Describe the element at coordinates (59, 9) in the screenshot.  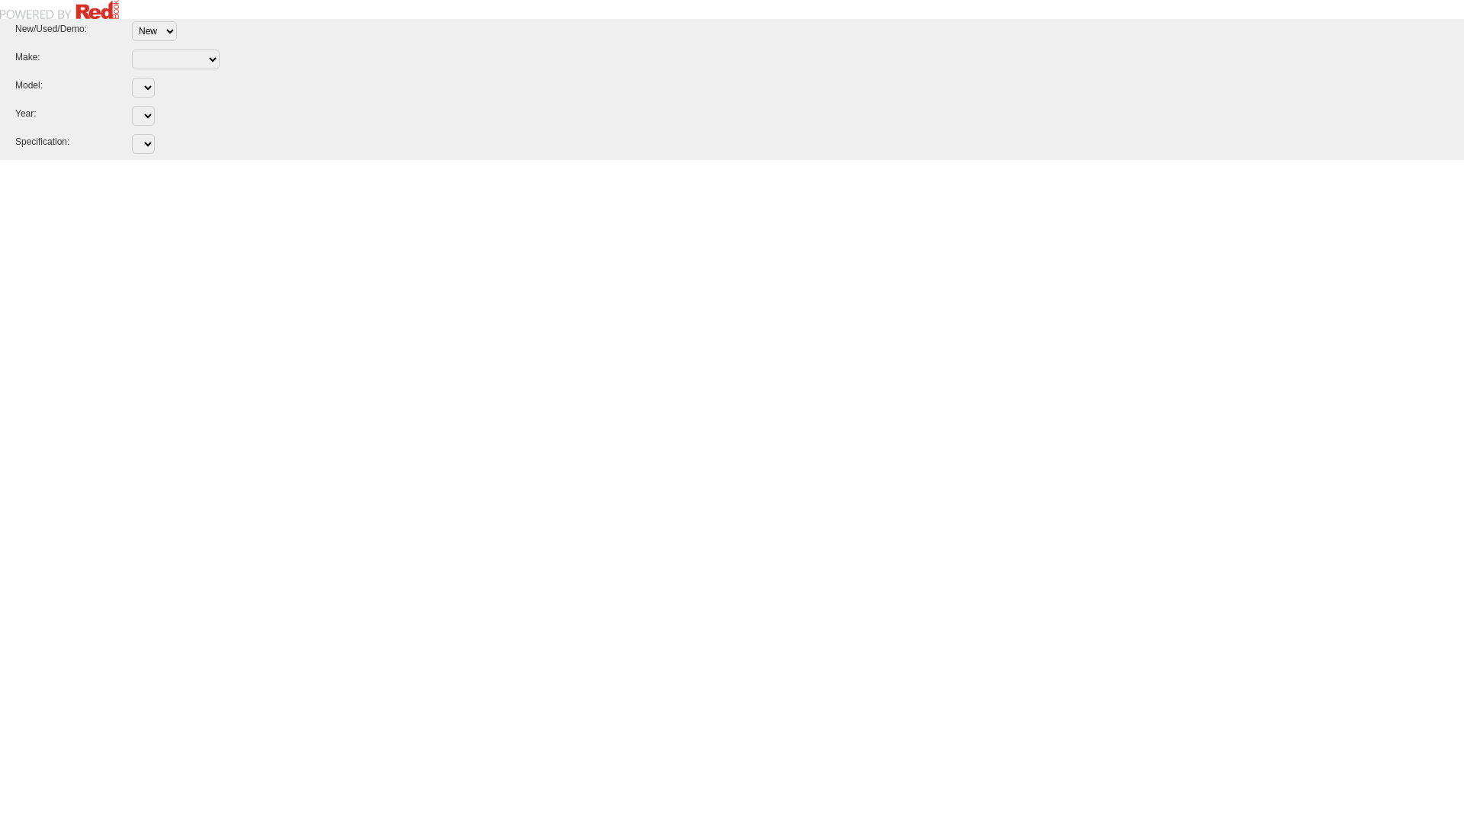
I see `'Red Book'` at that location.